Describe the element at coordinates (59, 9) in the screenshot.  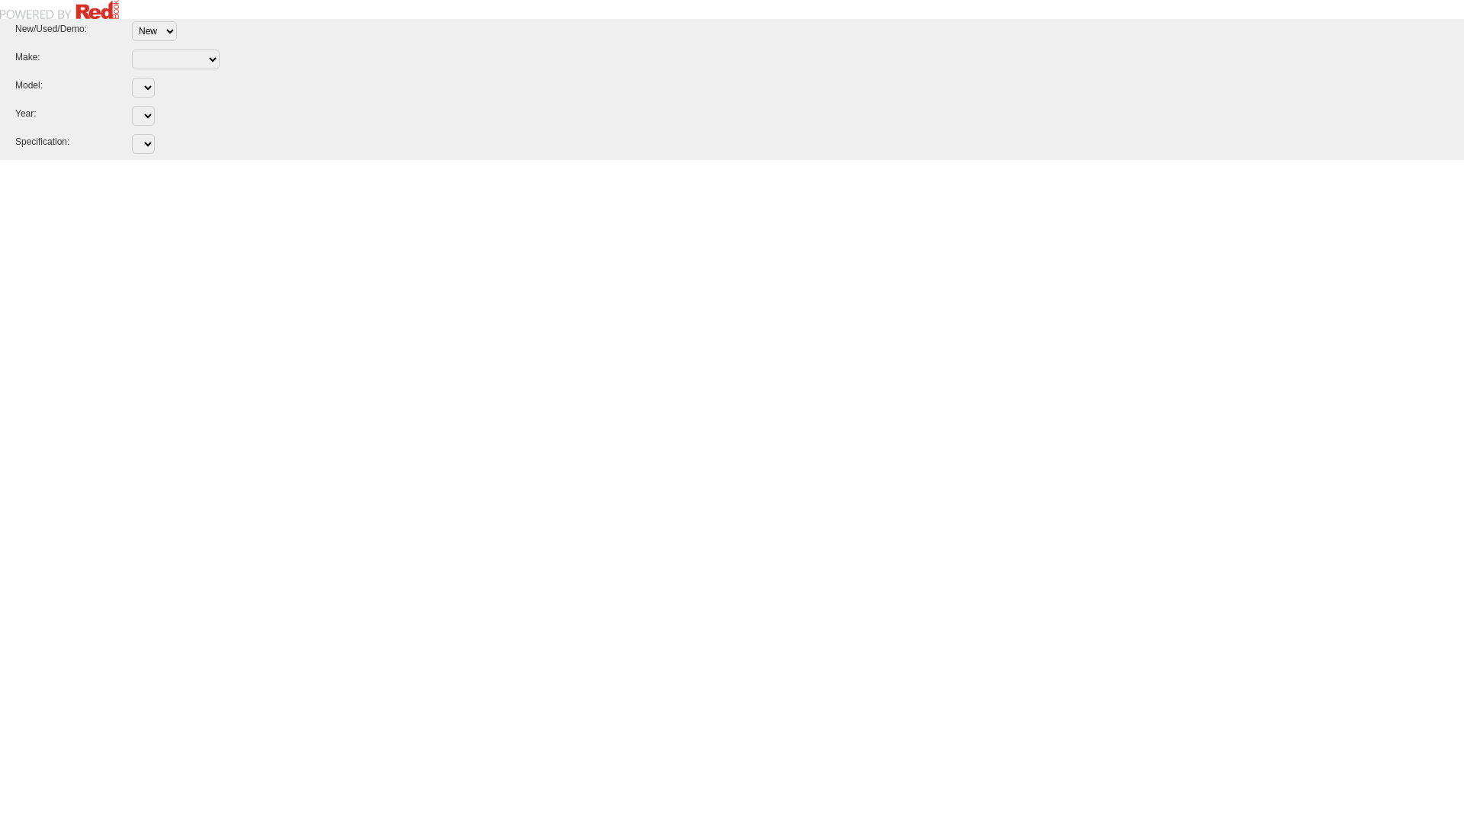
I see `'Red Book'` at that location.